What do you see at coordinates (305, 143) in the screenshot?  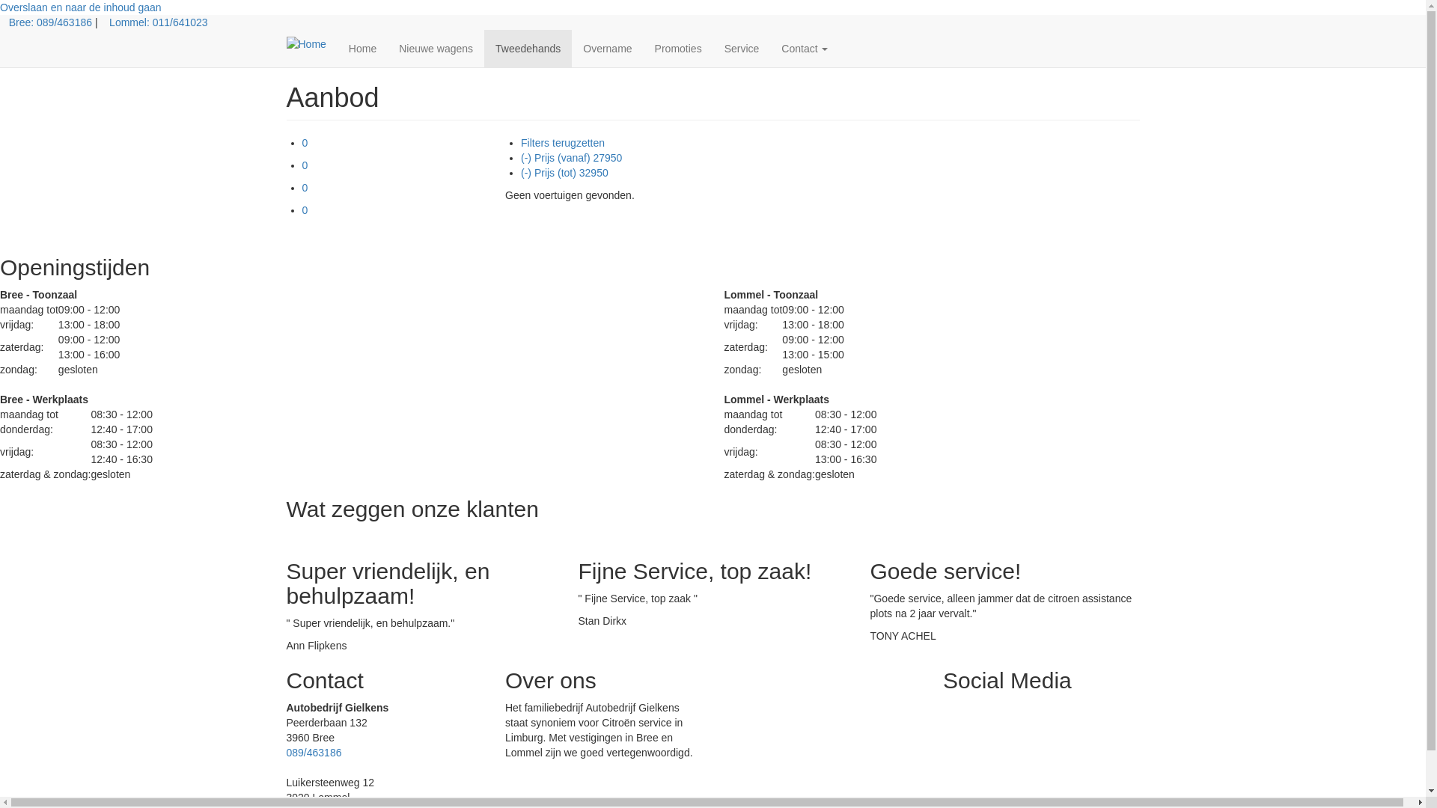 I see `'0'` at bounding box center [305, 143].